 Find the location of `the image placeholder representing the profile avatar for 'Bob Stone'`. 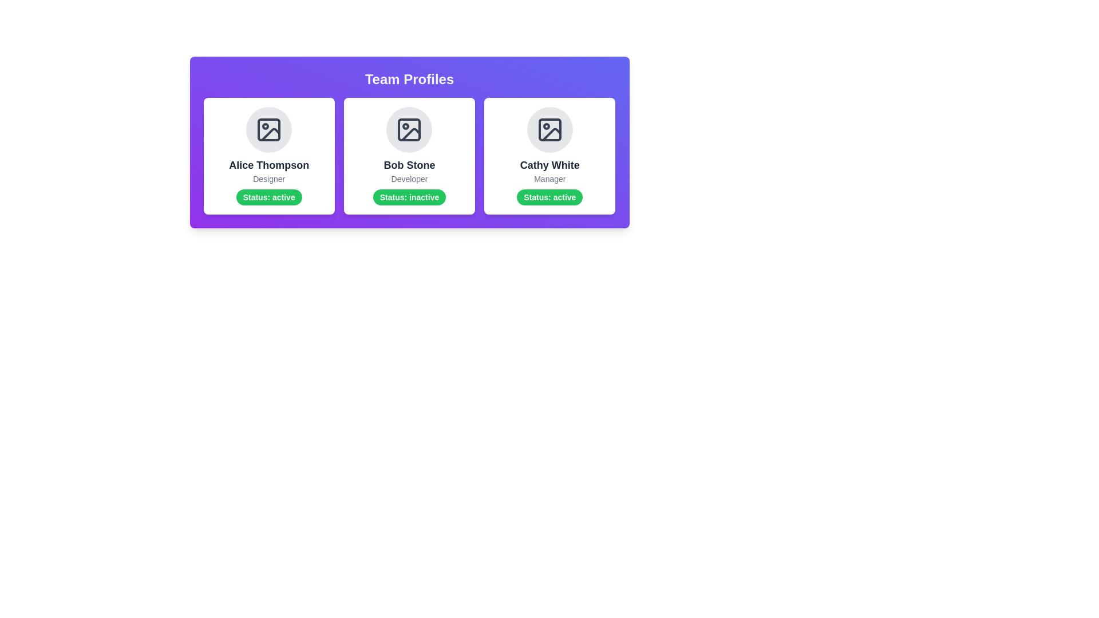

the image placeholder representing the profile avatar for 'Bob Stone' is located at coordinates (409, 129).